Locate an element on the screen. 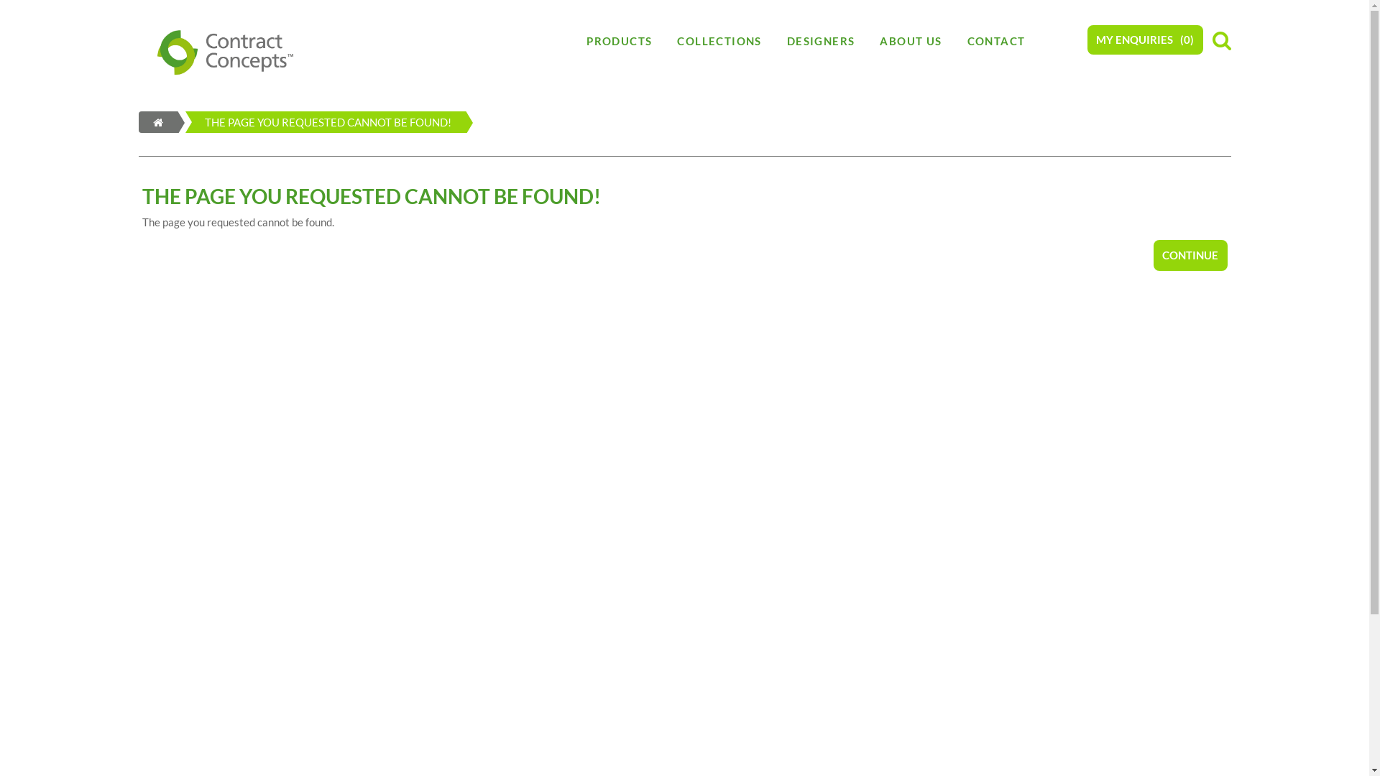 The image size is (1380, 776). 'COLLECTIONS' is located at coordinates (719, 40).